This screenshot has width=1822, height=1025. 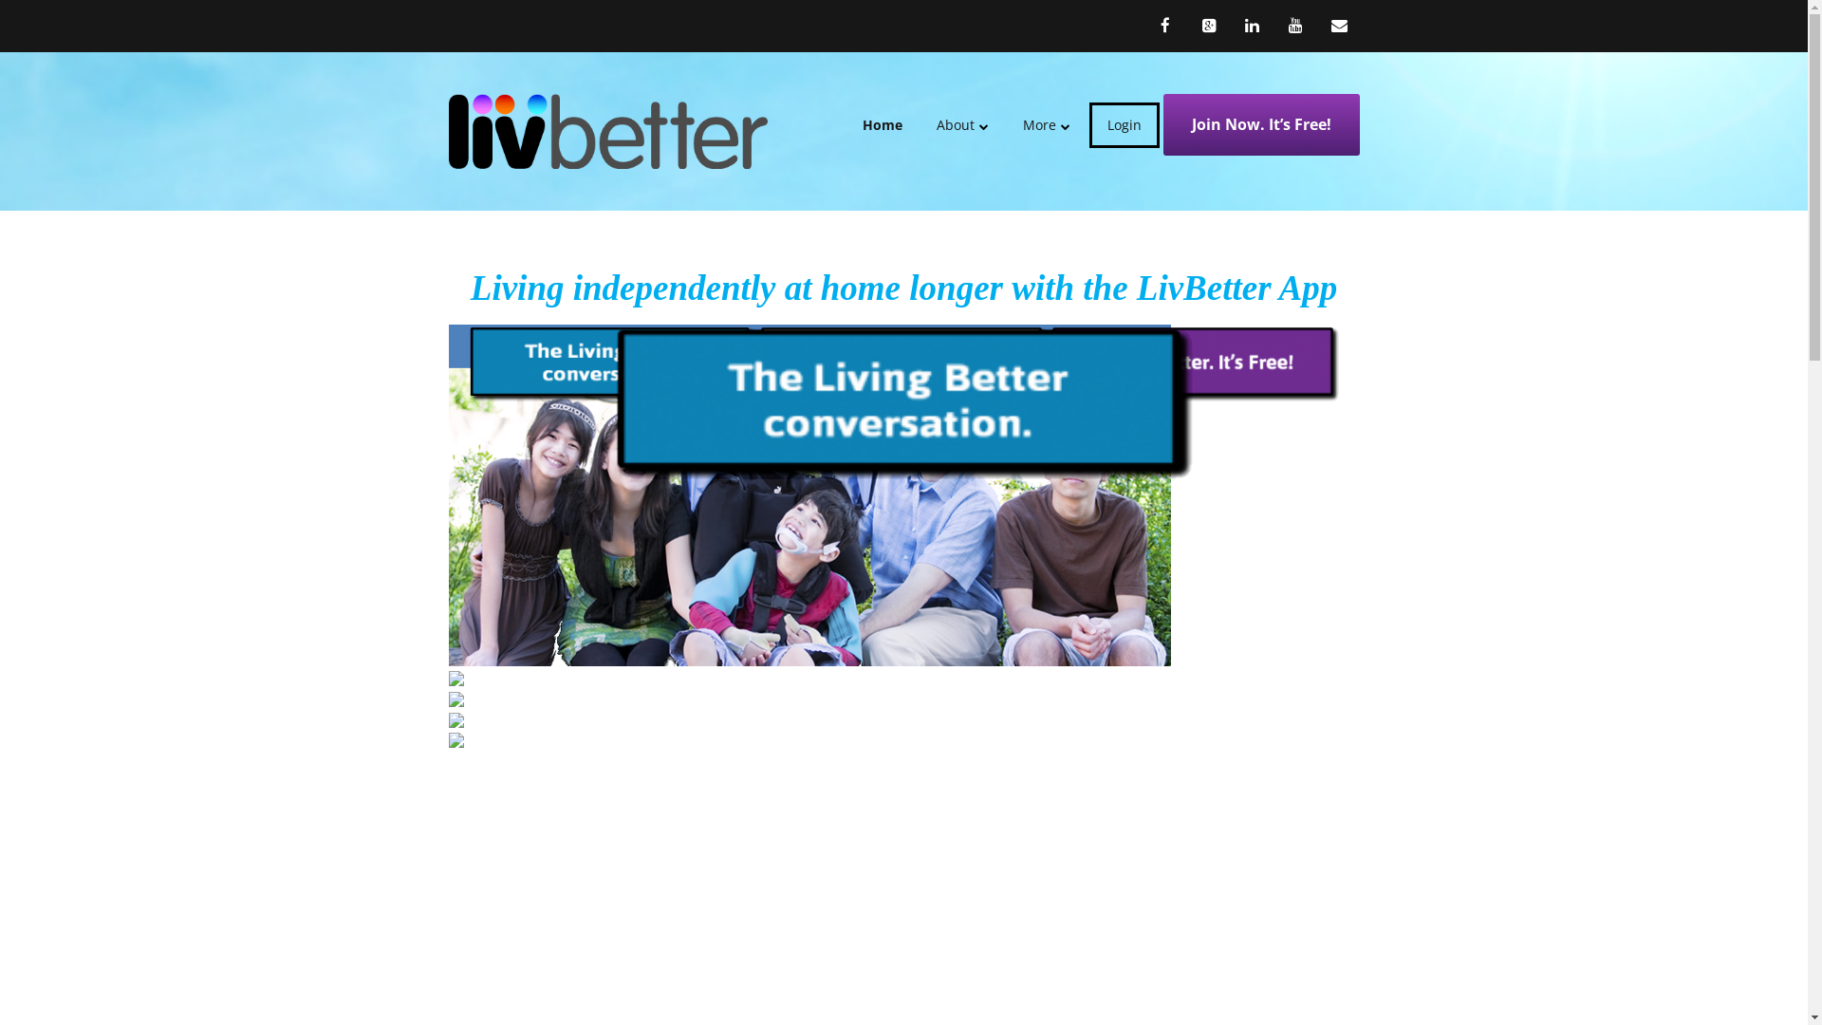 What do you see at coordinates (1207, 26) in the screenshot?
I see `'Google+'` at bounding box center [1207, 26].